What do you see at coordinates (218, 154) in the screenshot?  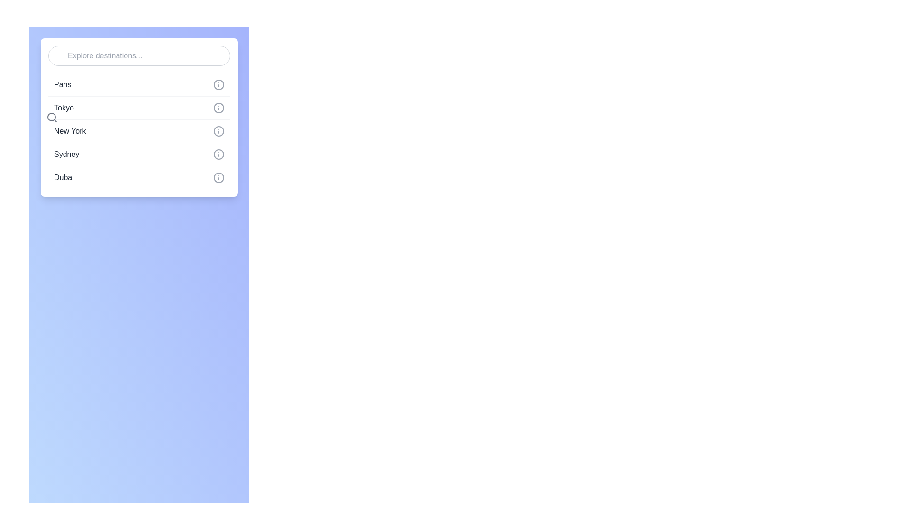 I see `the filled decorative circle within the information icon associated with the 'Sydney' list item, which is the fourth entry in the destination list` at bounding box center [218, 154].